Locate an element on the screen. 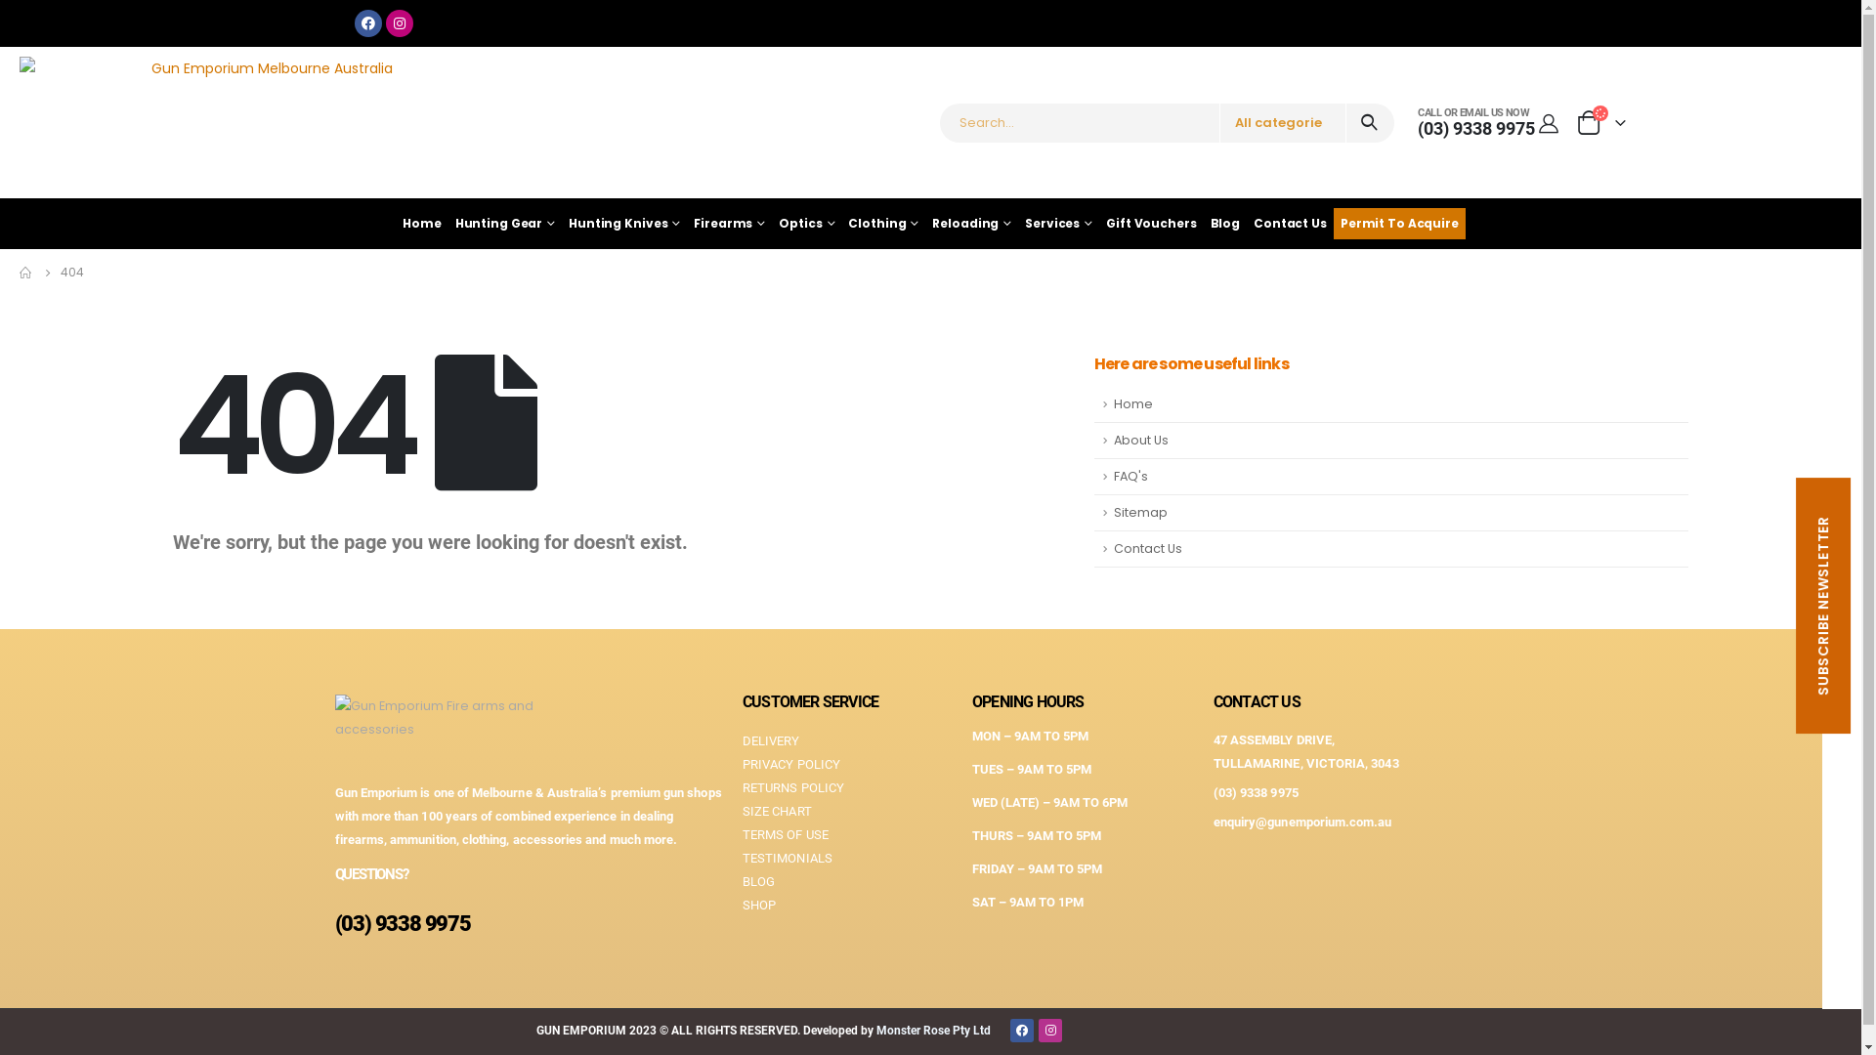 The height and width of the screenshot is (1055, 1876). 'Firearms' is located at coordinates (728, 222).